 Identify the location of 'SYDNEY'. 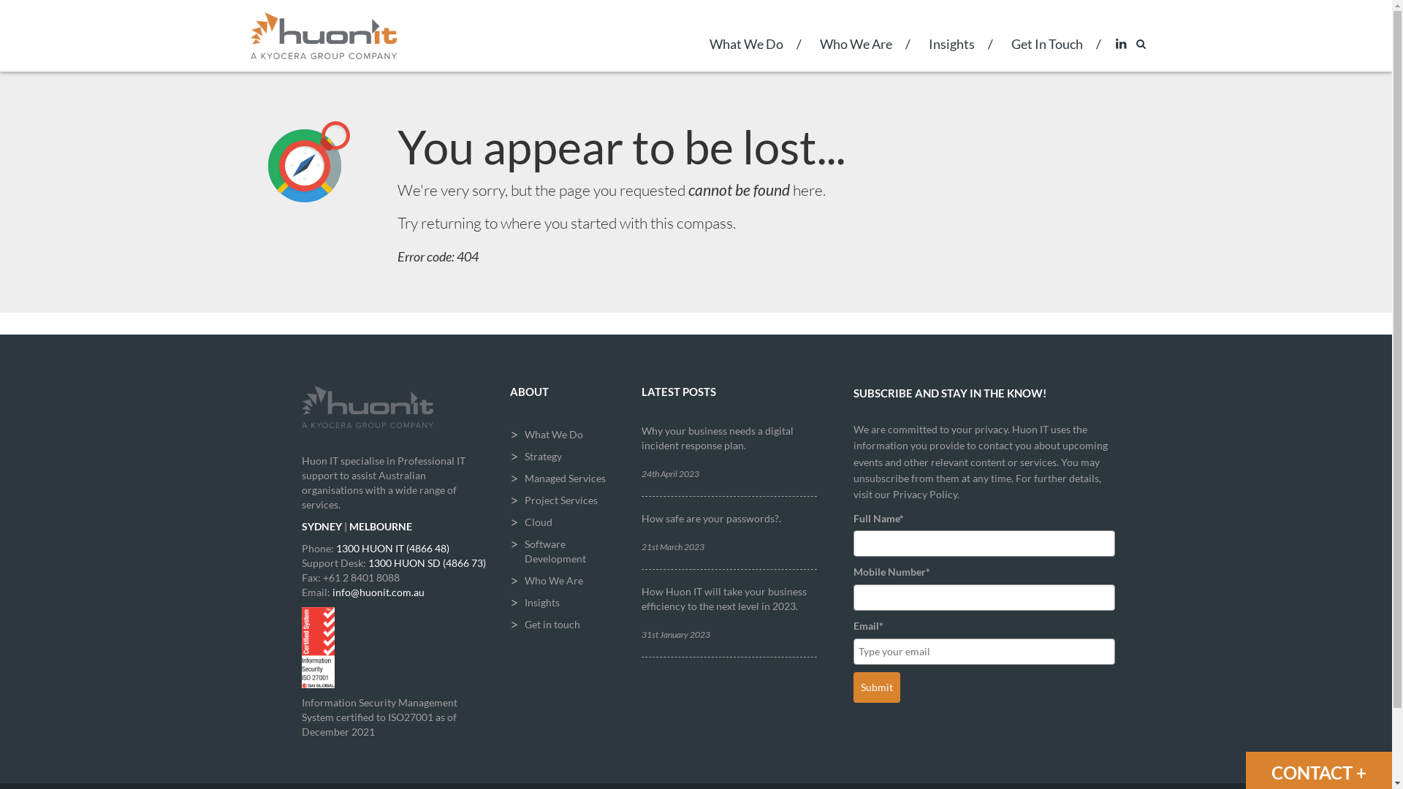
(300, 526).